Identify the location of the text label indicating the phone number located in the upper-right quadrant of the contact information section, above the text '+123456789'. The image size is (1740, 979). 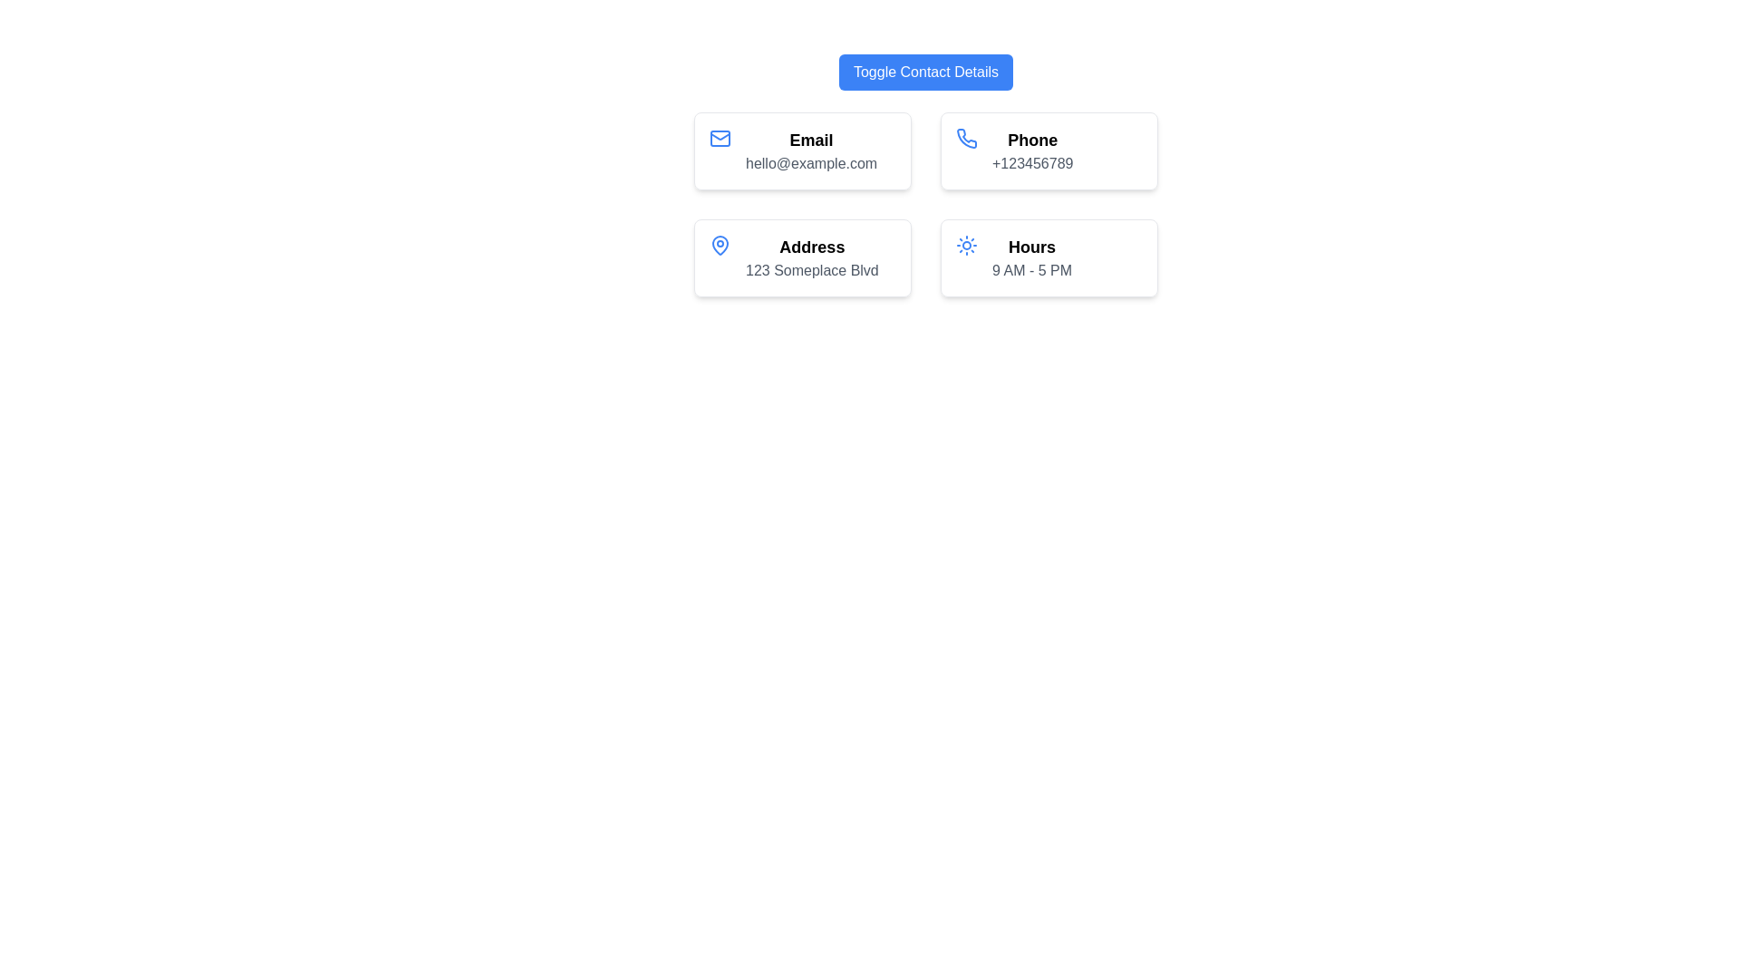
(1032, 139).